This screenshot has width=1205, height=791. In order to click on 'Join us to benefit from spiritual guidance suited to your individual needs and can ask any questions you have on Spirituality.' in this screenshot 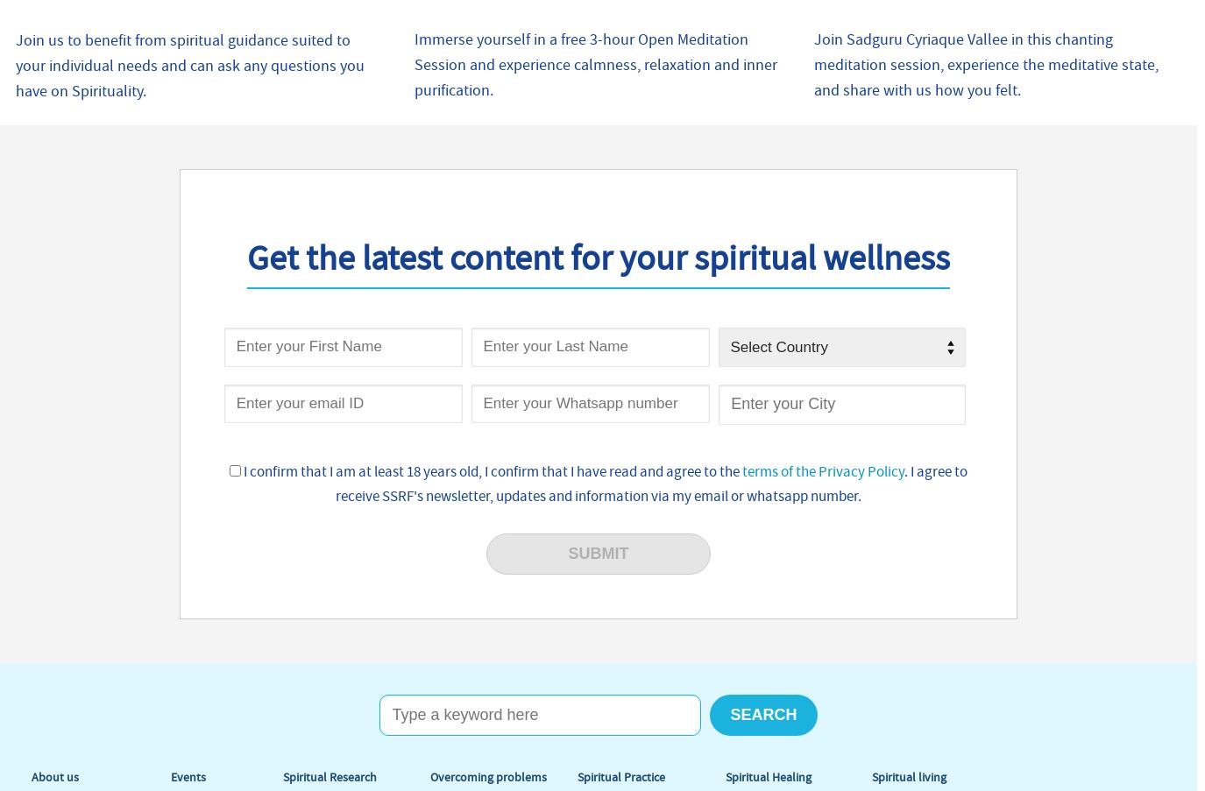, I will do `click(15, 64)`.